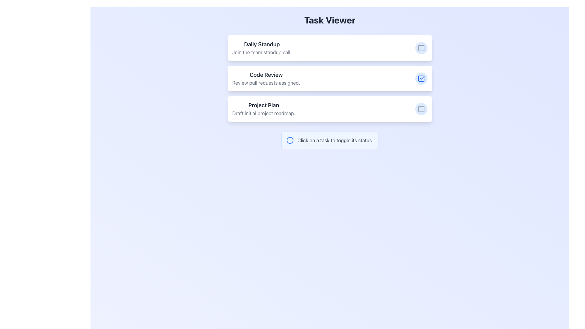 Image resolution: width=585 pixels, height=329 pixels. What do you see at coordinates (421, 78) in the screenshot?
I see `the button that signifies the completion or status check of the associated task next to the text 'Review pull requests assigned.' to visualize the hover effect` at bounding box center [421, 78].